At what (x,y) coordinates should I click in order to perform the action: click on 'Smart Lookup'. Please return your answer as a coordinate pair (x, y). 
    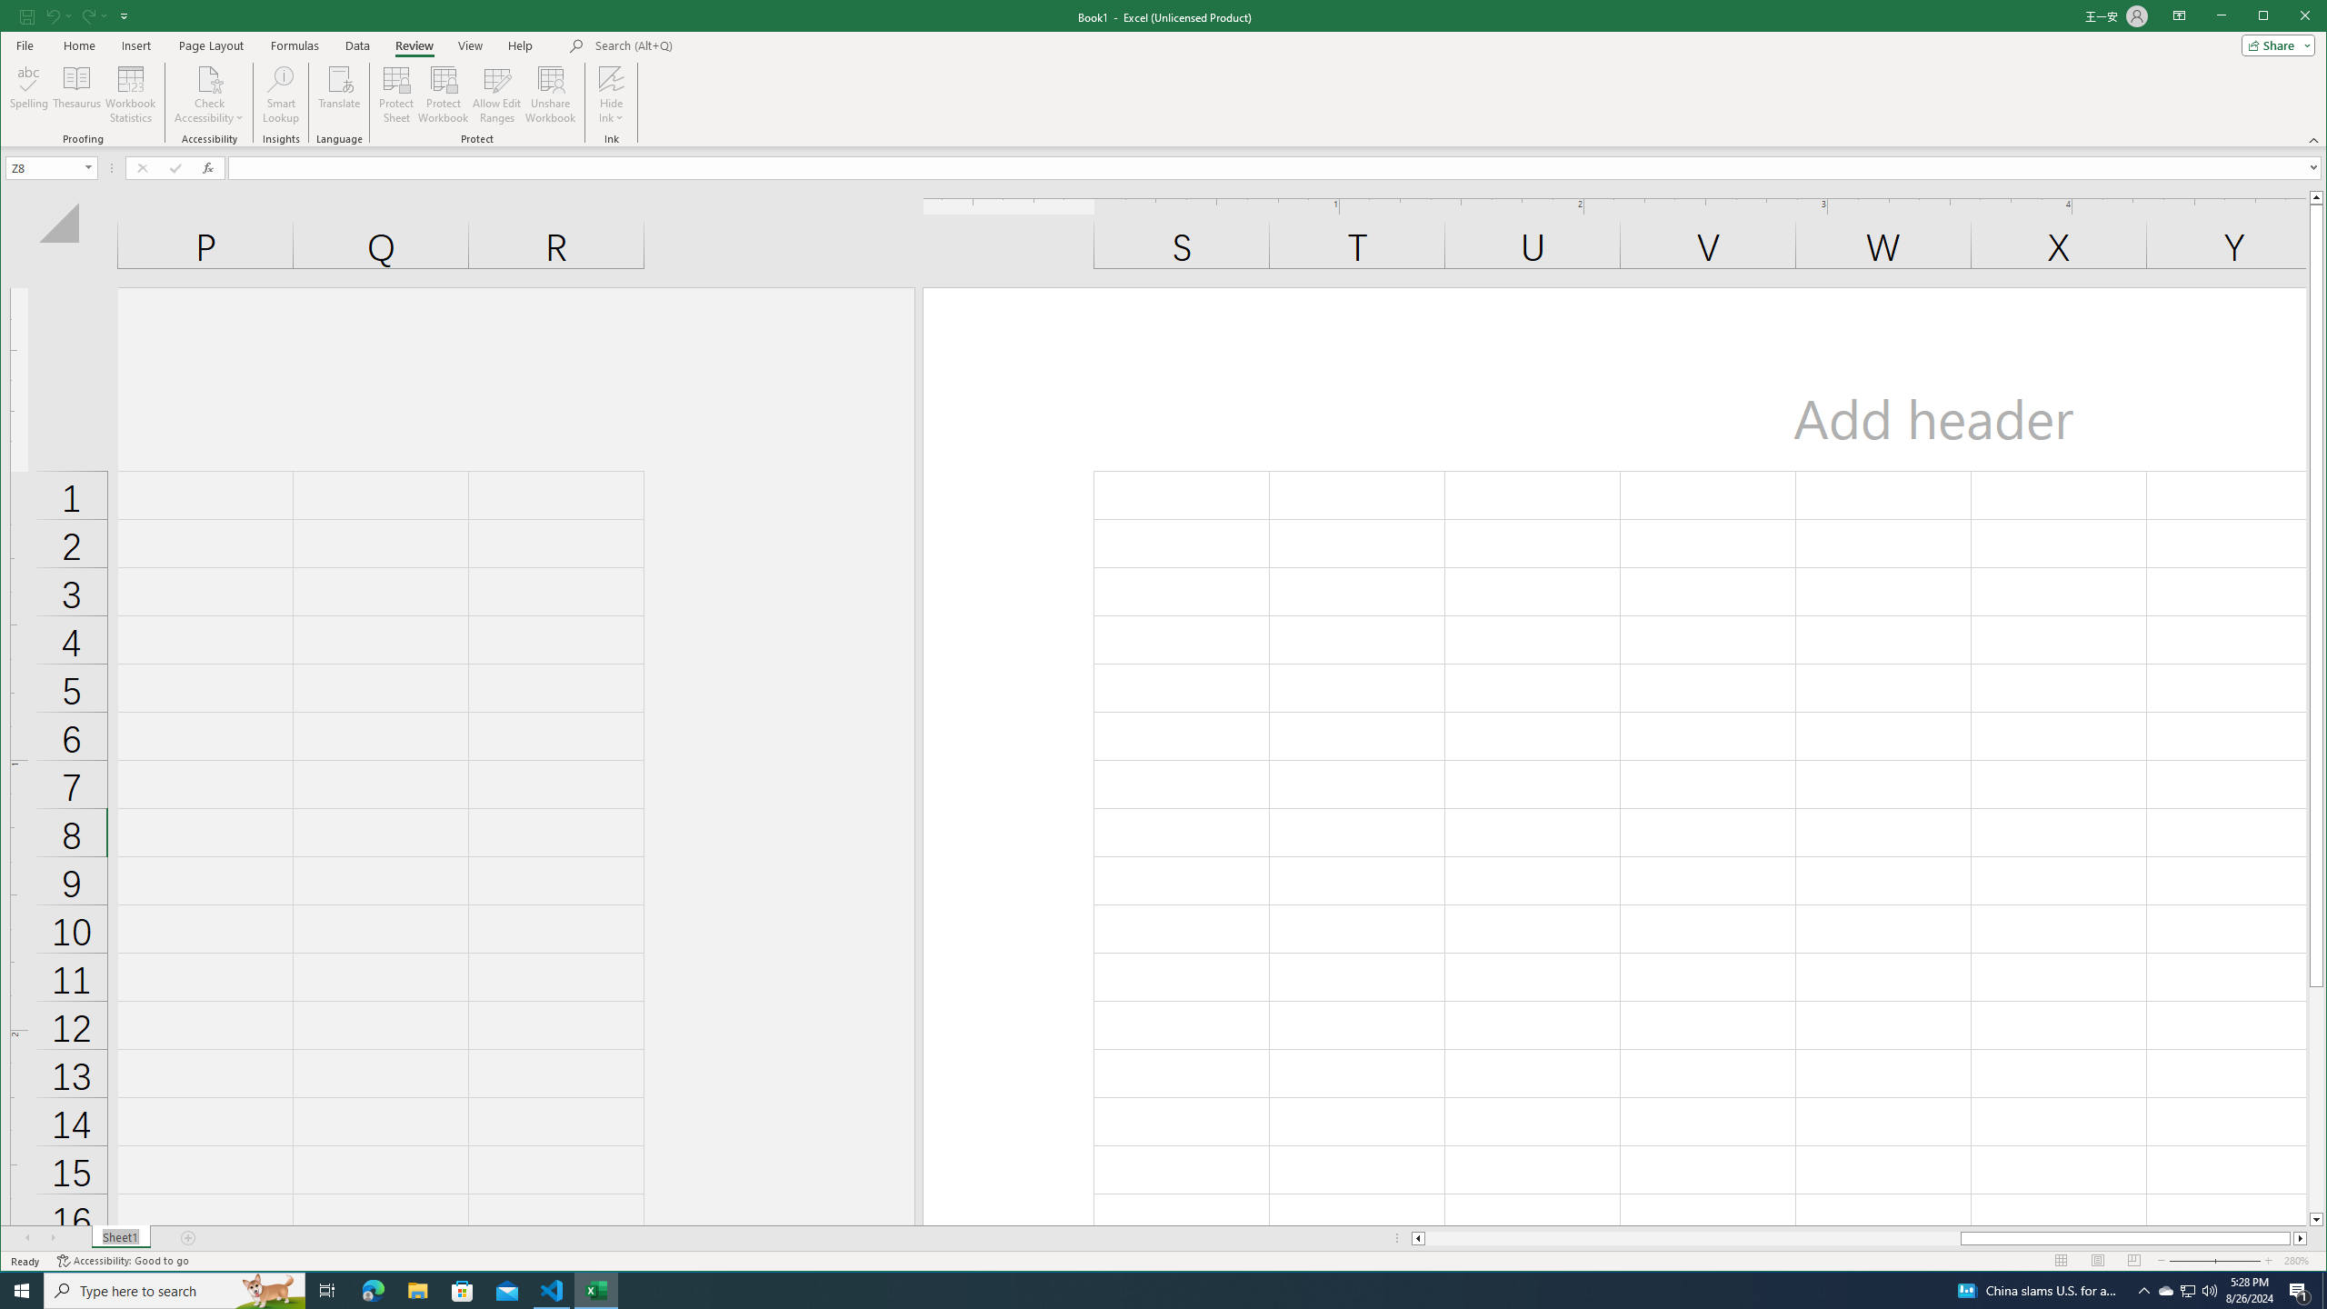
    Looking at the image, I should click on (281, 94).